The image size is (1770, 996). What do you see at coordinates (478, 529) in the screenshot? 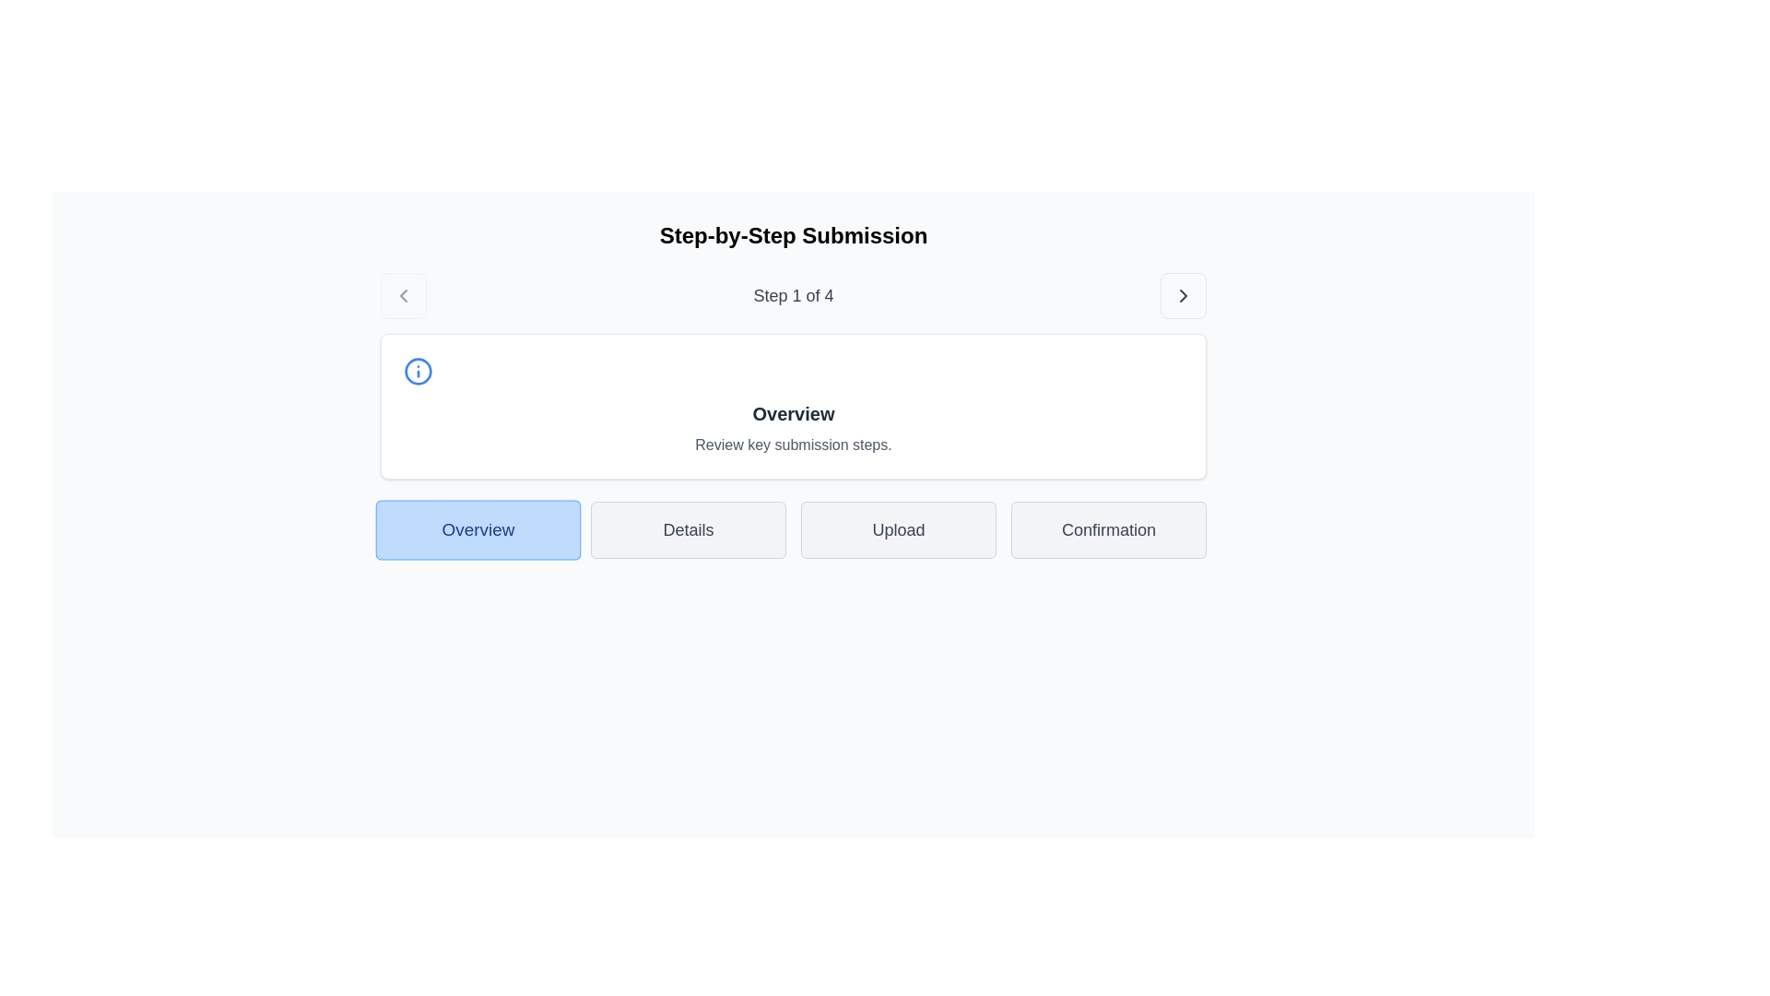
I see `the 'Overview' button located in the bottom section of the interface, which is the first button in a horizontal grid of four buttons beneath the 'Step 1 of 4' panel` at bounding box center [478, 529].